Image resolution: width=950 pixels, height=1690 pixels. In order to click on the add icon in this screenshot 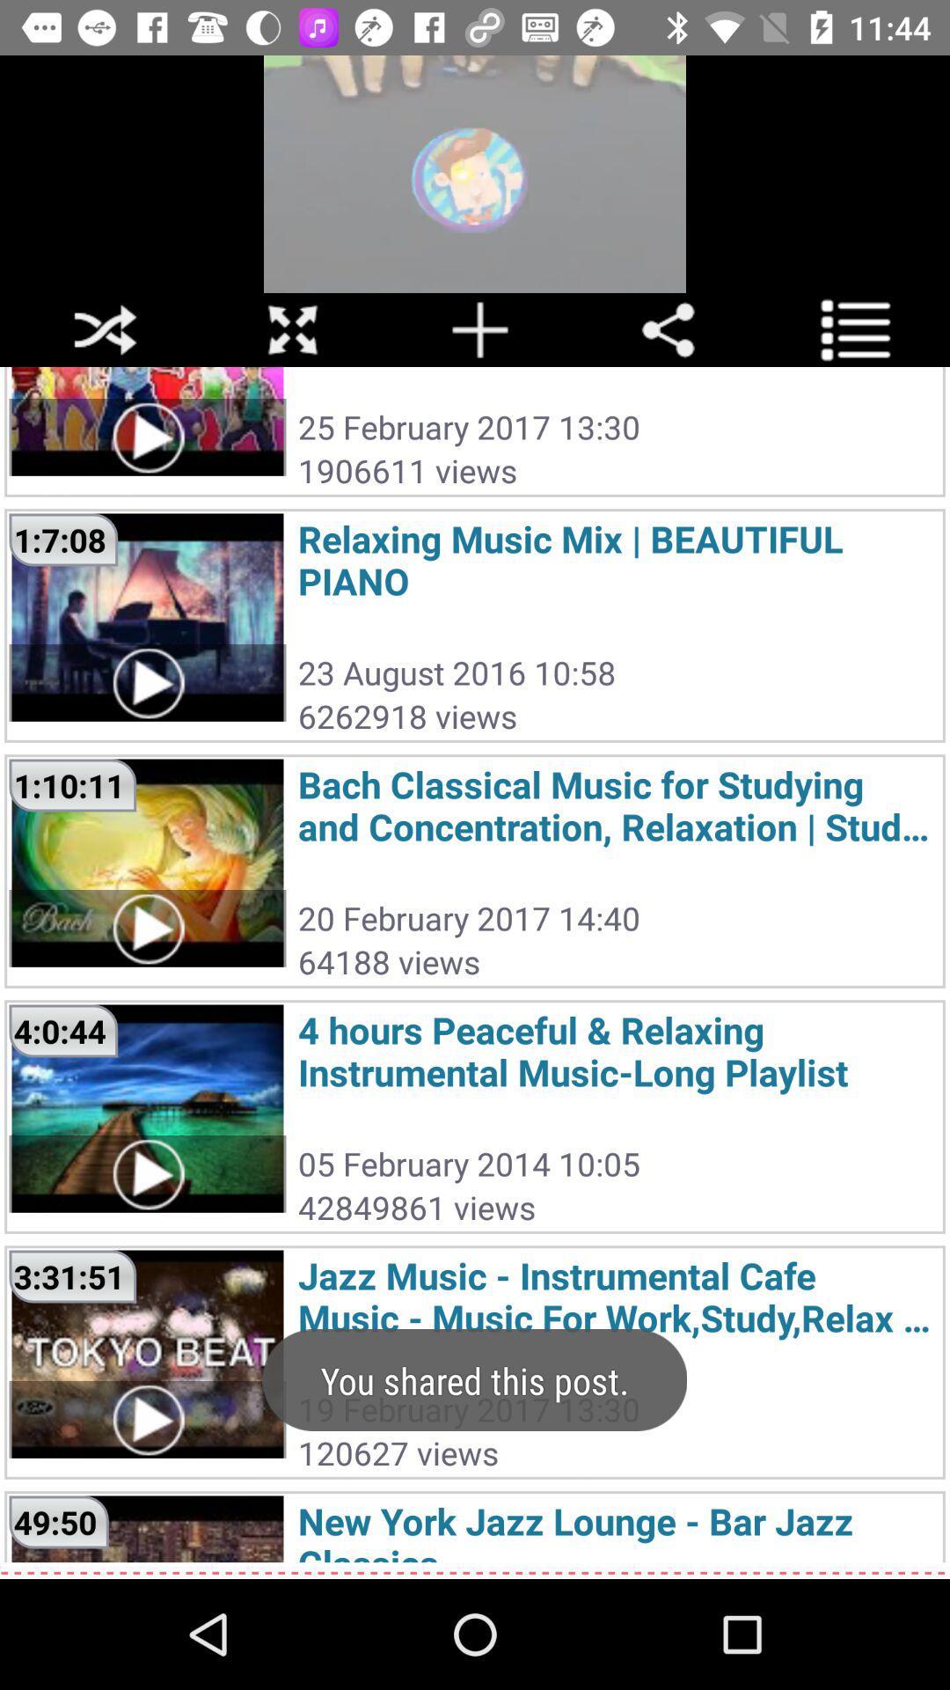, I will do `click(480, 329)`.